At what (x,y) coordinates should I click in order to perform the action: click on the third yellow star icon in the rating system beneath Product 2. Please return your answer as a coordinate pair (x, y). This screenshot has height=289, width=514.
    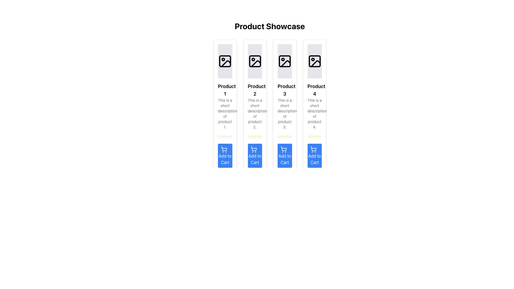
    Looking at the image, I should click on (255, 136).